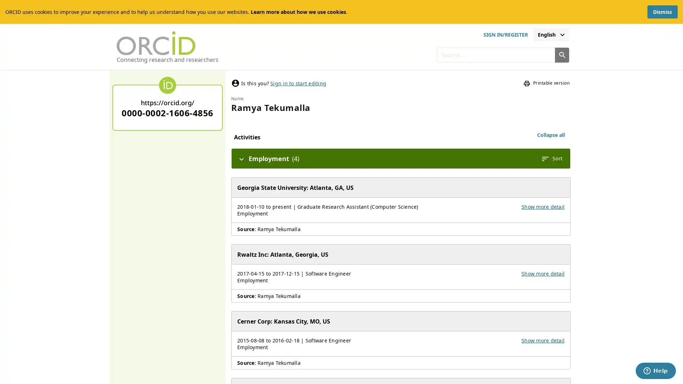  I want to click on sign in or register, so click(505, 34).